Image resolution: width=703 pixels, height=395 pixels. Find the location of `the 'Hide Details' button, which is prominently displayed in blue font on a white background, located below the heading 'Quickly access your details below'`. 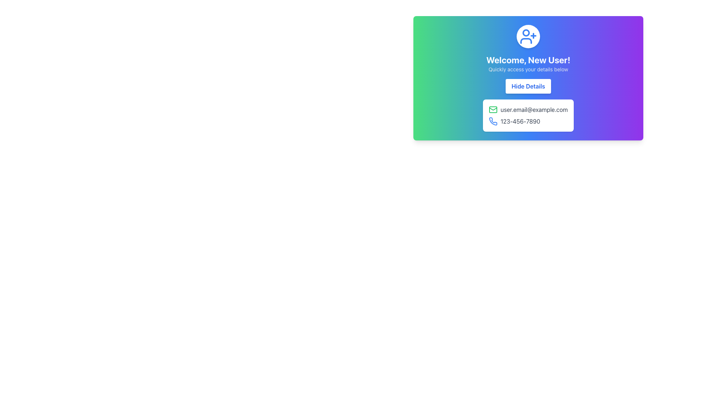

the 'Hide Details' button, which is prominently displayed in blue font on a white background, located below the heading 'Quickly access your details below' is located at coordinates (528, 86).